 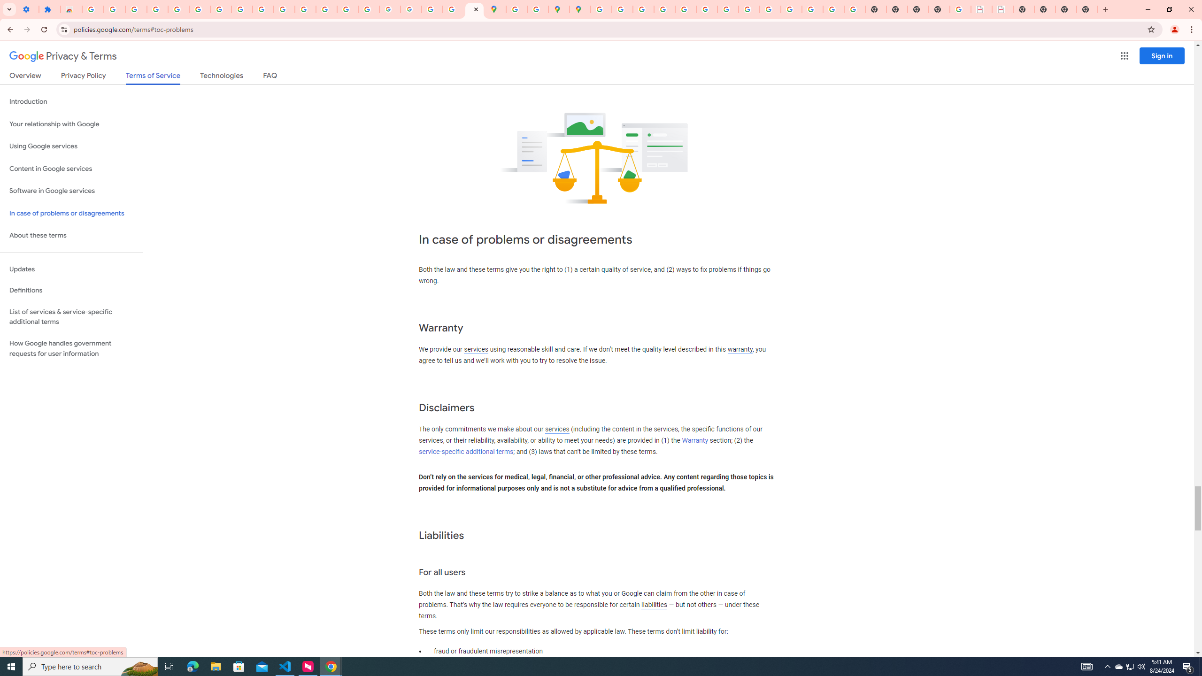 What do you see at coordinates (200, 9) in the screenshot?
I see `'Sign in - Google Accounts'` at bounding box center [200, 9].